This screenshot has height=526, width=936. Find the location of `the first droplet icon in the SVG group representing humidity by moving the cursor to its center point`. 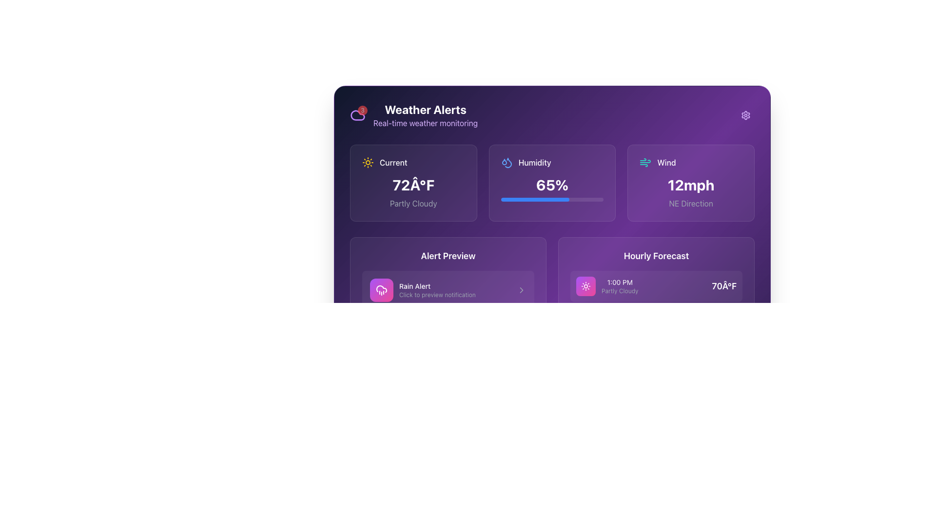

the first droplet icon in the SVG group representing humidity by moving the cursor to its center point is located at coordinates (504, 161).